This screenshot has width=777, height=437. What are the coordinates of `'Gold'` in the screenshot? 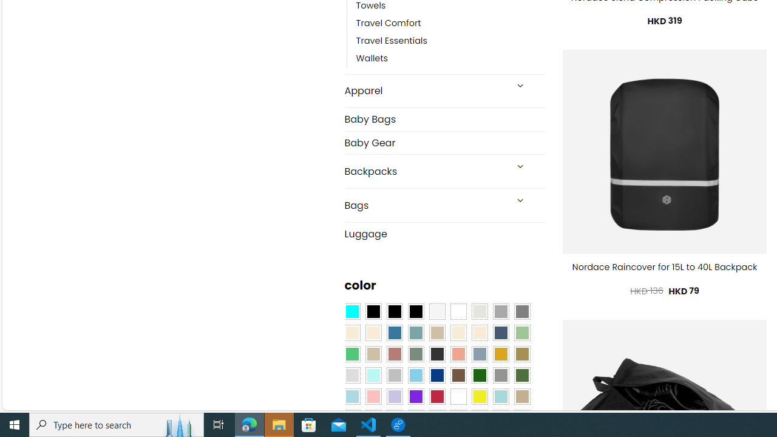 It's located at (500, 354).